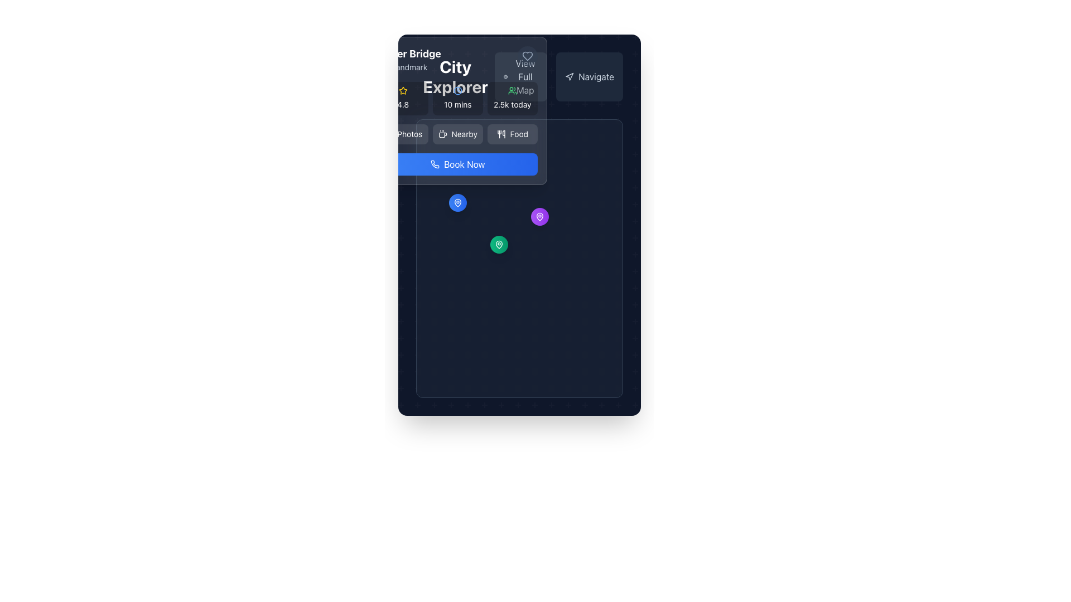 The image size is (1071, 602). What do you see at coordinates (519, 76) in the screenshot?
I see `the button located between the 'City Explorer' label and the 'Navigate' button` at bounding box center [519, 76].